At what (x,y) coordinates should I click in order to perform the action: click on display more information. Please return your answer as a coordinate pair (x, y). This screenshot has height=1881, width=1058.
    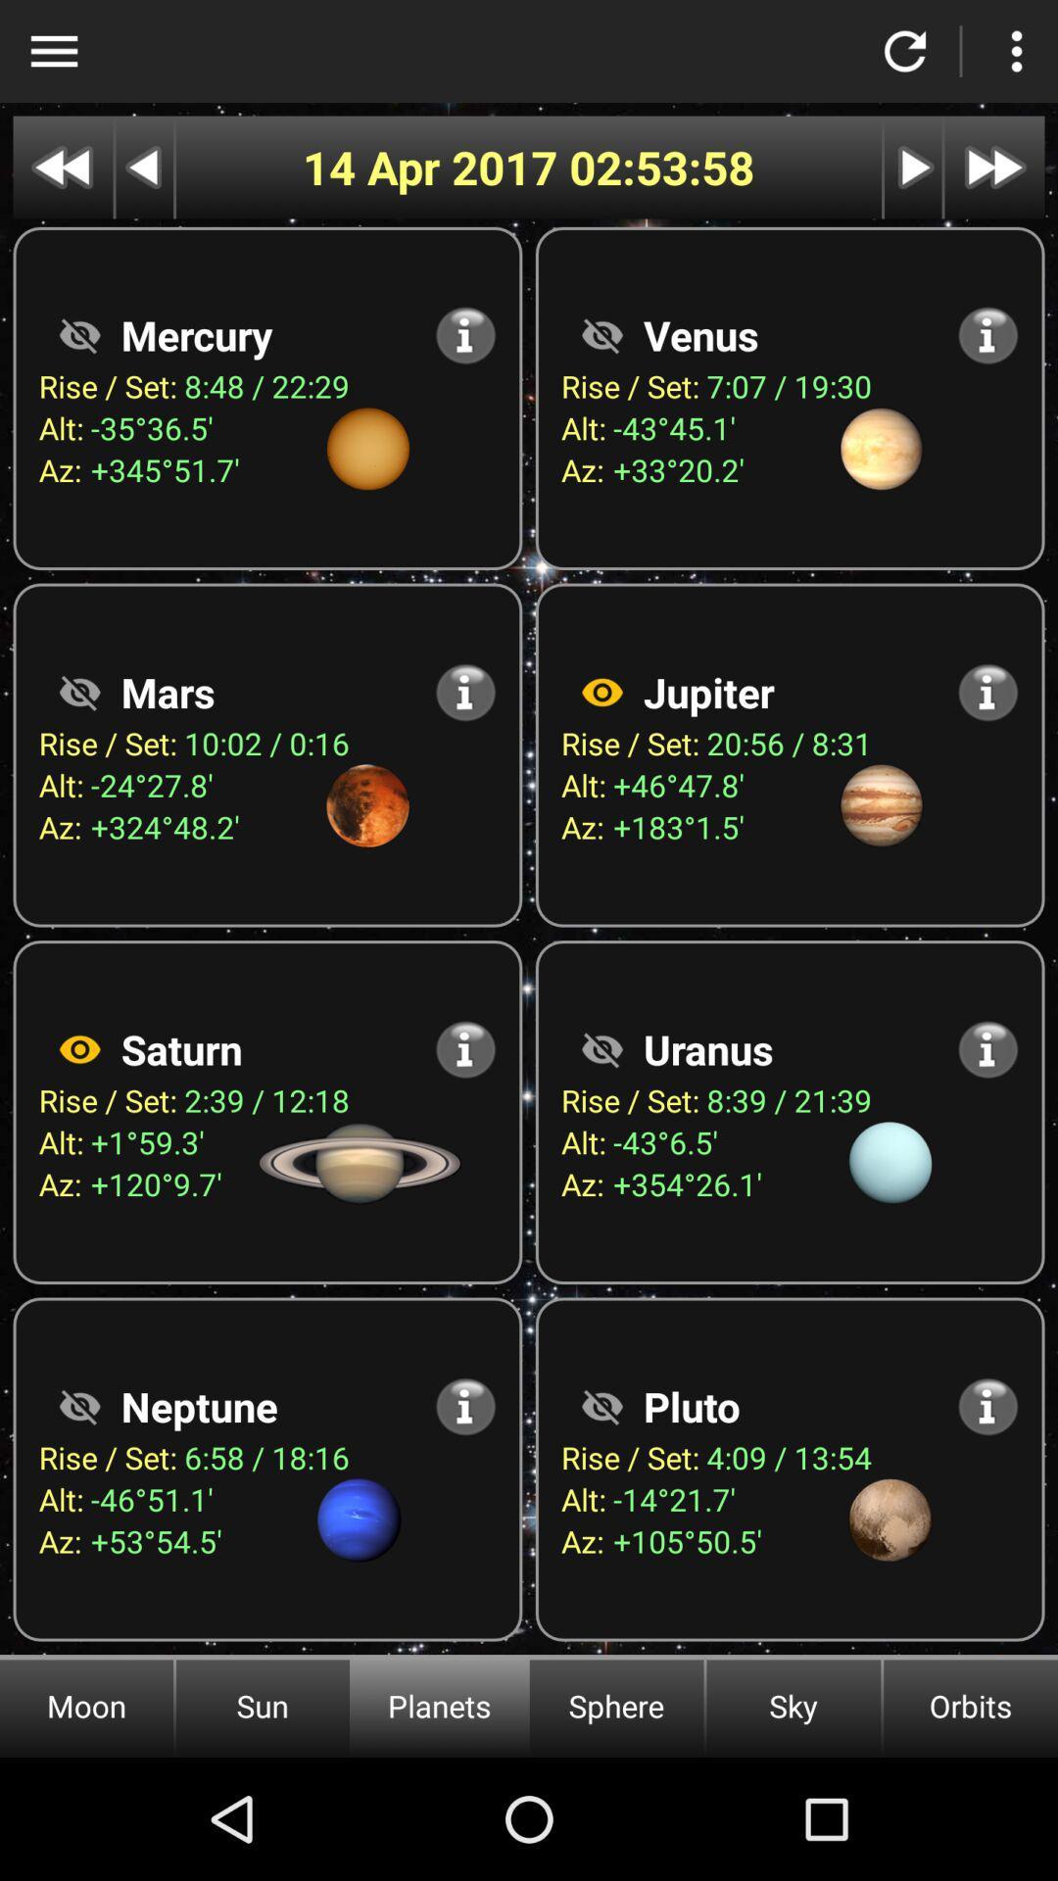
    Looking at the image, I should click on (987, 1405).